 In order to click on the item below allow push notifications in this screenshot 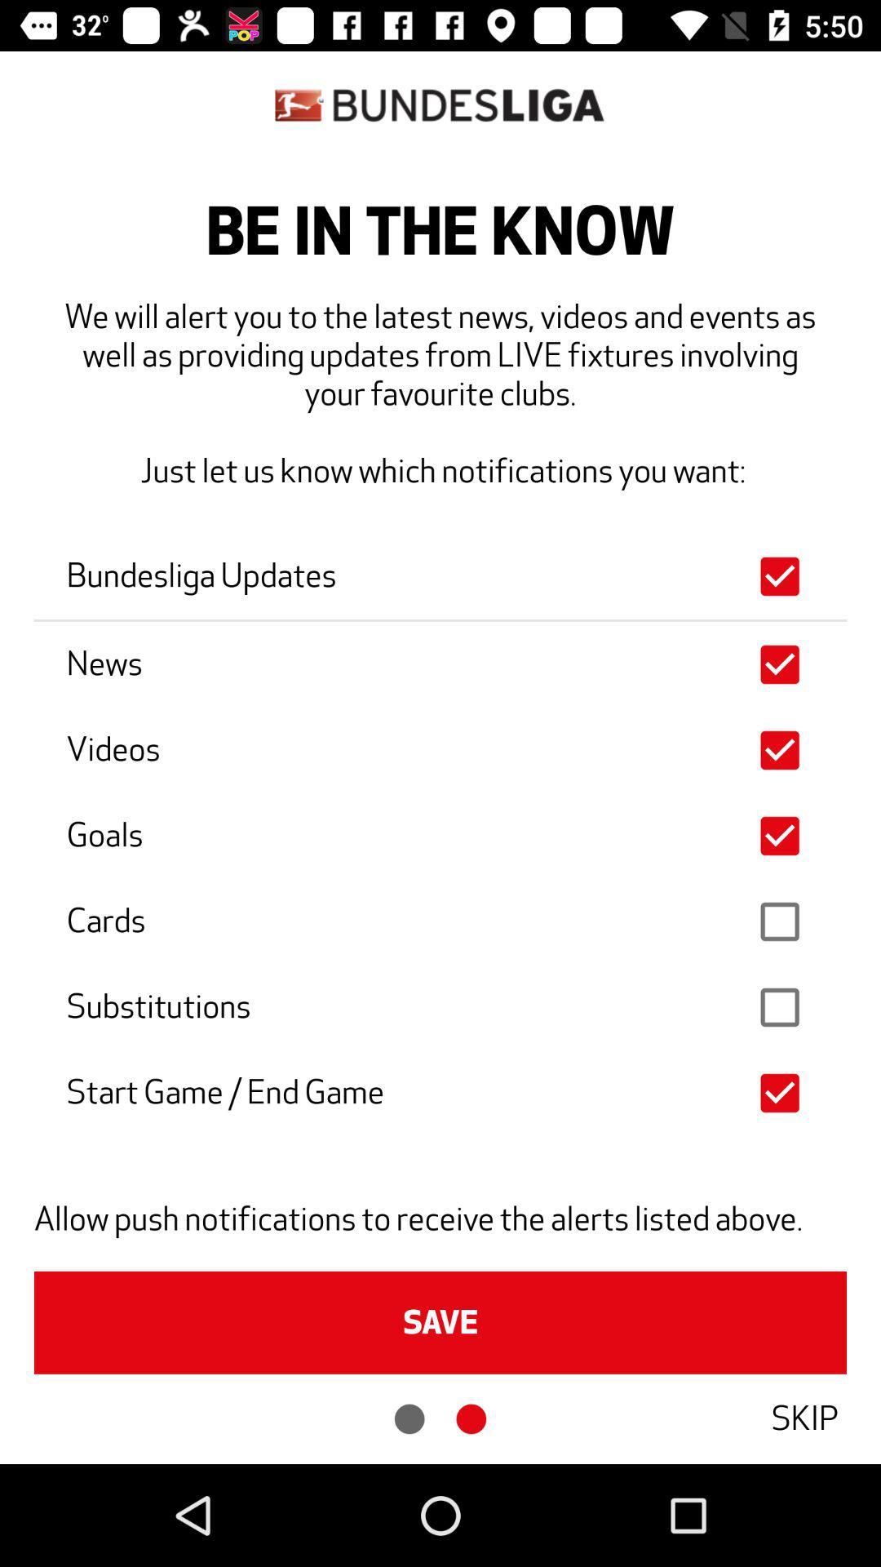, I will do `click(440, 1322)`.